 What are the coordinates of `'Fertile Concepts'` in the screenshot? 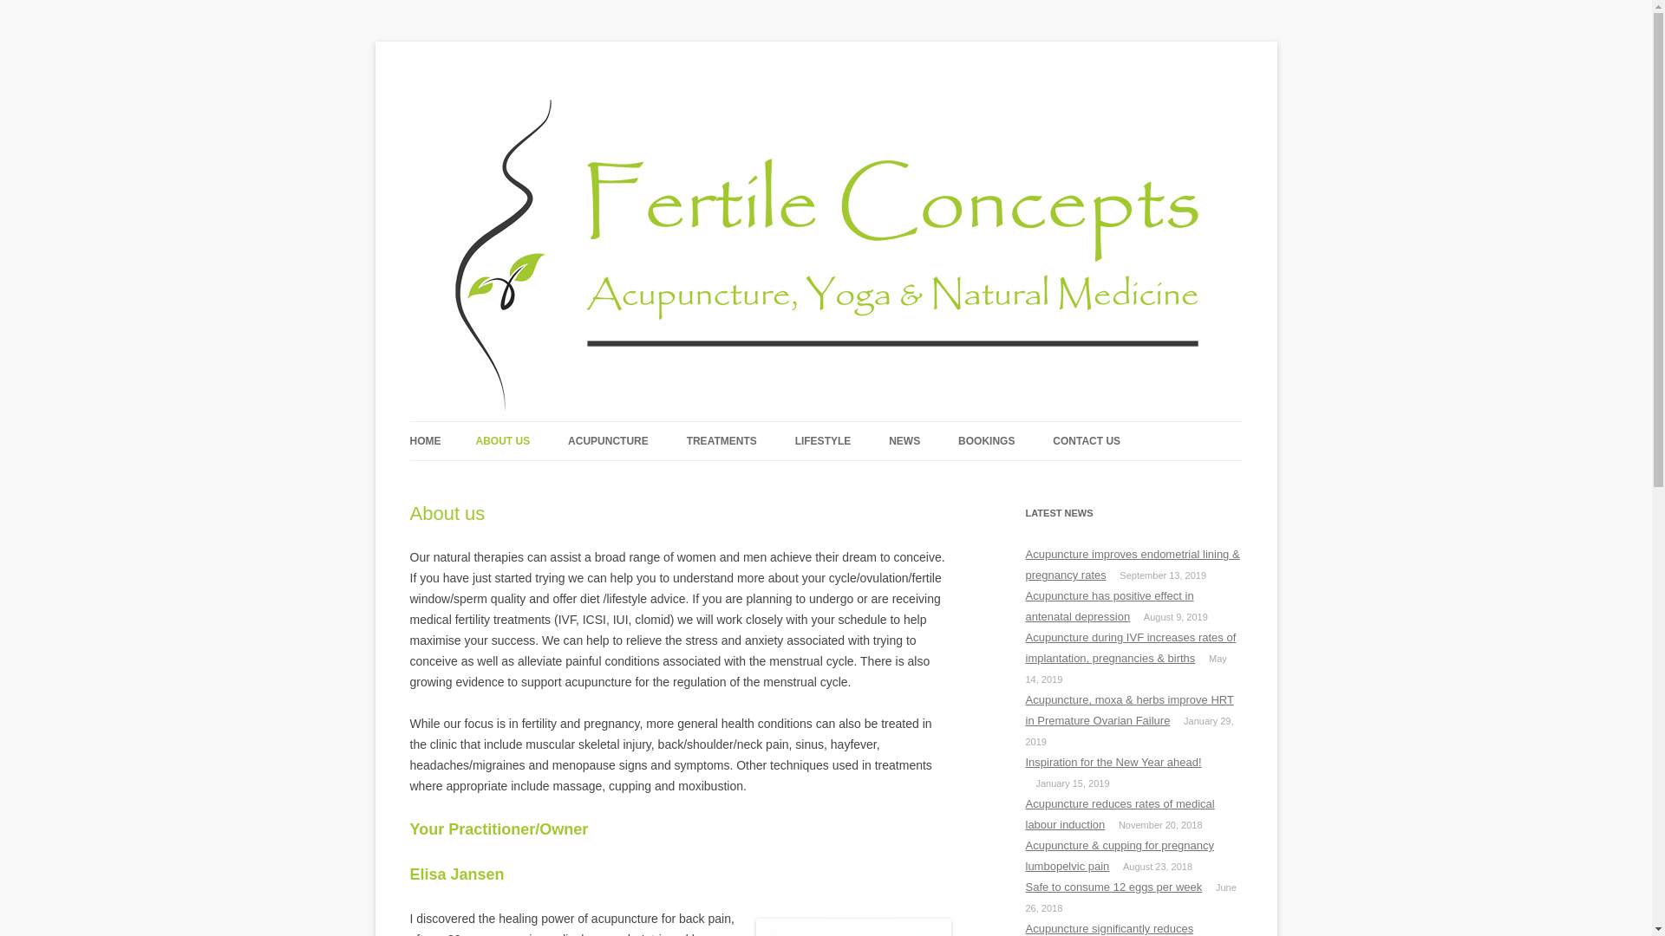 It's located at (450, 72).